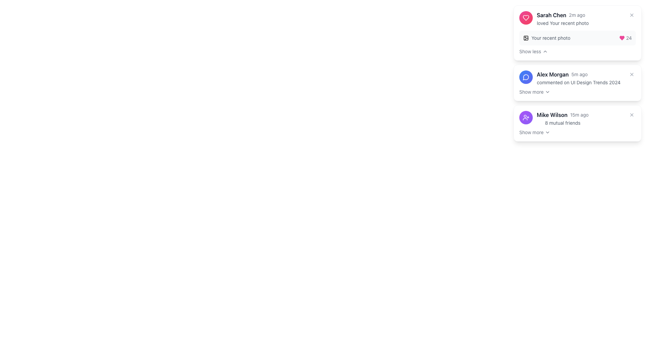 The width and height of the screenshot is (647, 364). Describe the element at coordinates (551, 38) in the screenshot. I see `text content of the element displaying 'Your recent photo', which is a small gray text located within the top notification card, aligned to the right of an image icon` at that location.